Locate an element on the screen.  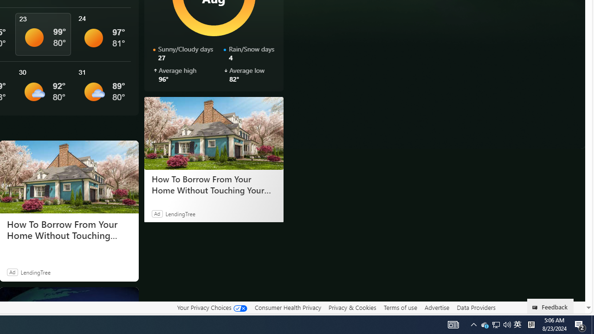
'Terms of use' is located at coordinates (400, 308).